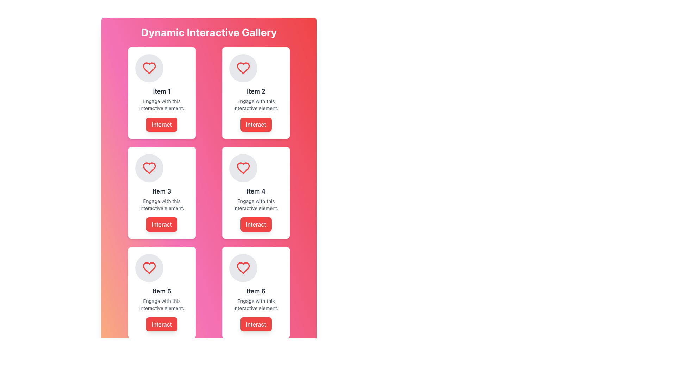  What do you see at coordinates (256, 205) in the screenshot?
I see `the static text block that says 'Engage with this interactive element.' located in the fourth card of the vertically stacked grid, positioned below the title 'Item 4' and above the 'Interact' button` at bounding box center [256, 205].